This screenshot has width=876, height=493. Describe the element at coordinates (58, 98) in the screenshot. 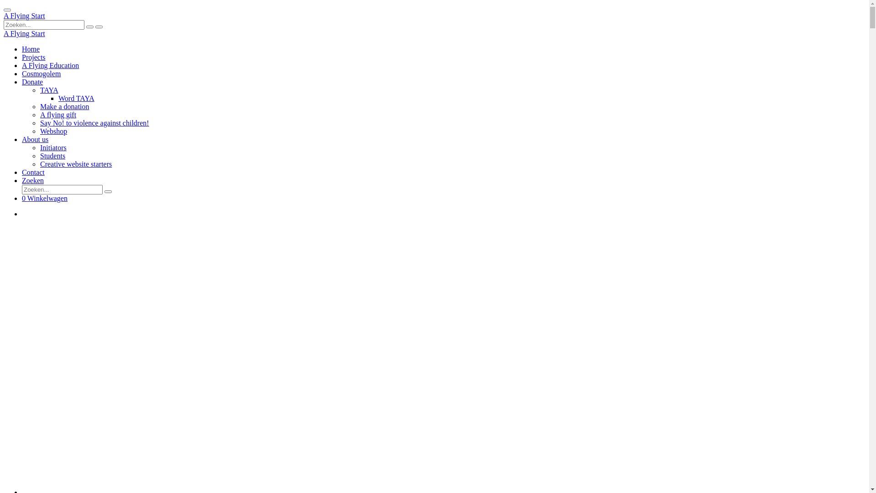

I see `'Word TAYA'` at that location.